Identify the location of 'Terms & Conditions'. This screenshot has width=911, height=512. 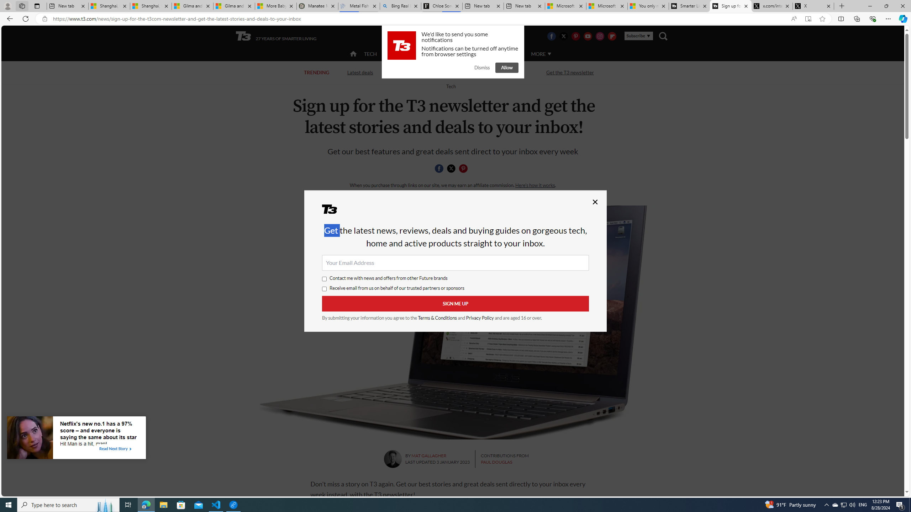
(438, 318).